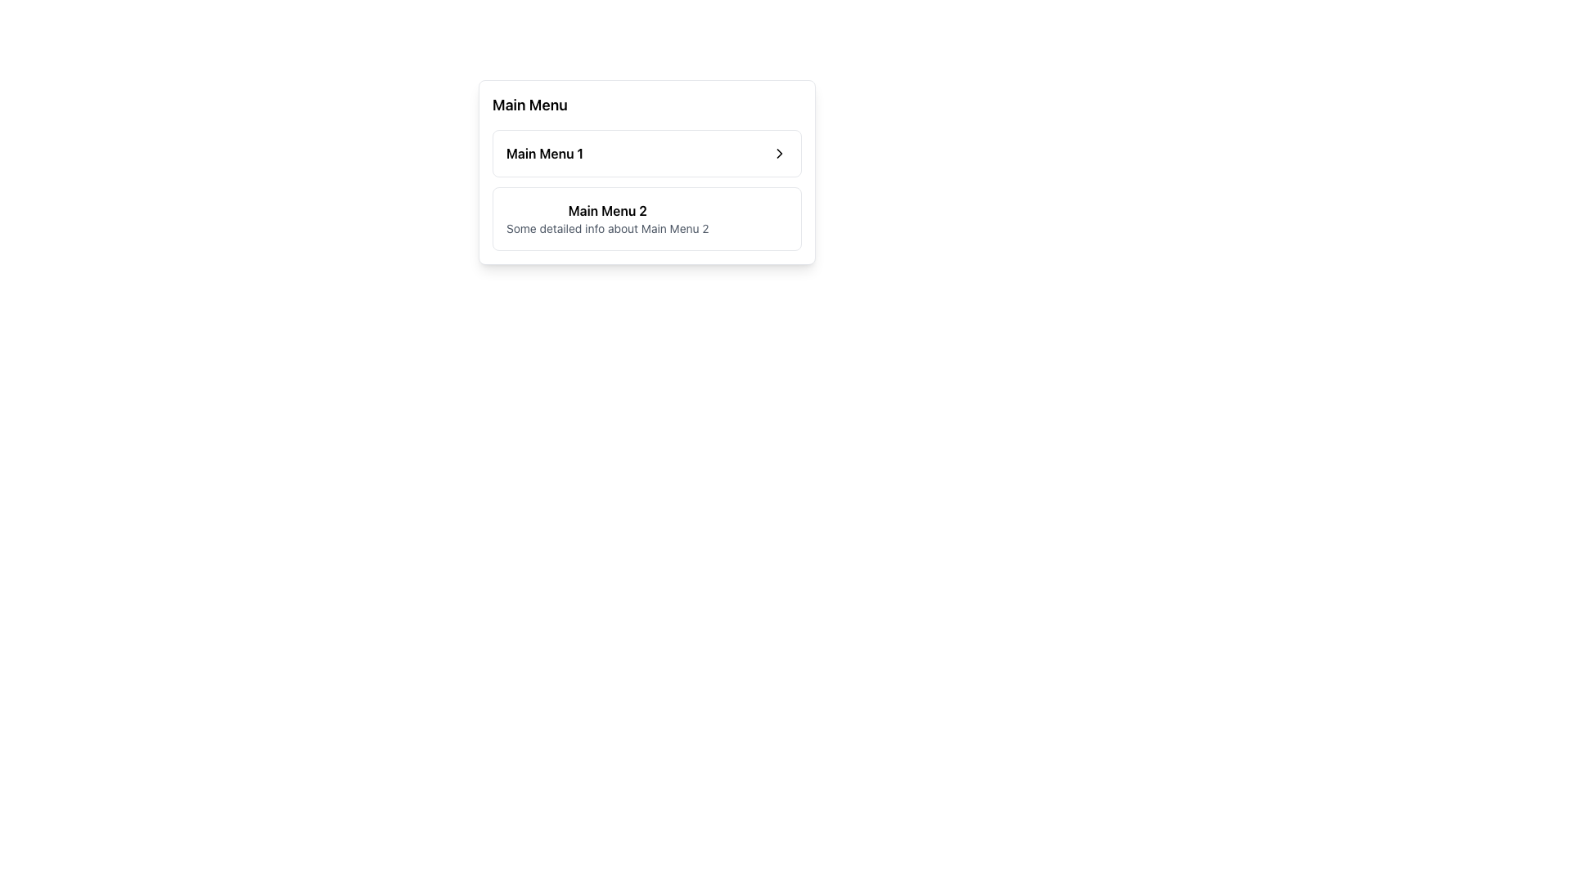  What do you see at coordinates (606, 210) in the screenshot?
I see `the text label that serves as the title for the second menu item under 'Main Menu', helping users identify the associated functionality` at bounding box center [606, 210].